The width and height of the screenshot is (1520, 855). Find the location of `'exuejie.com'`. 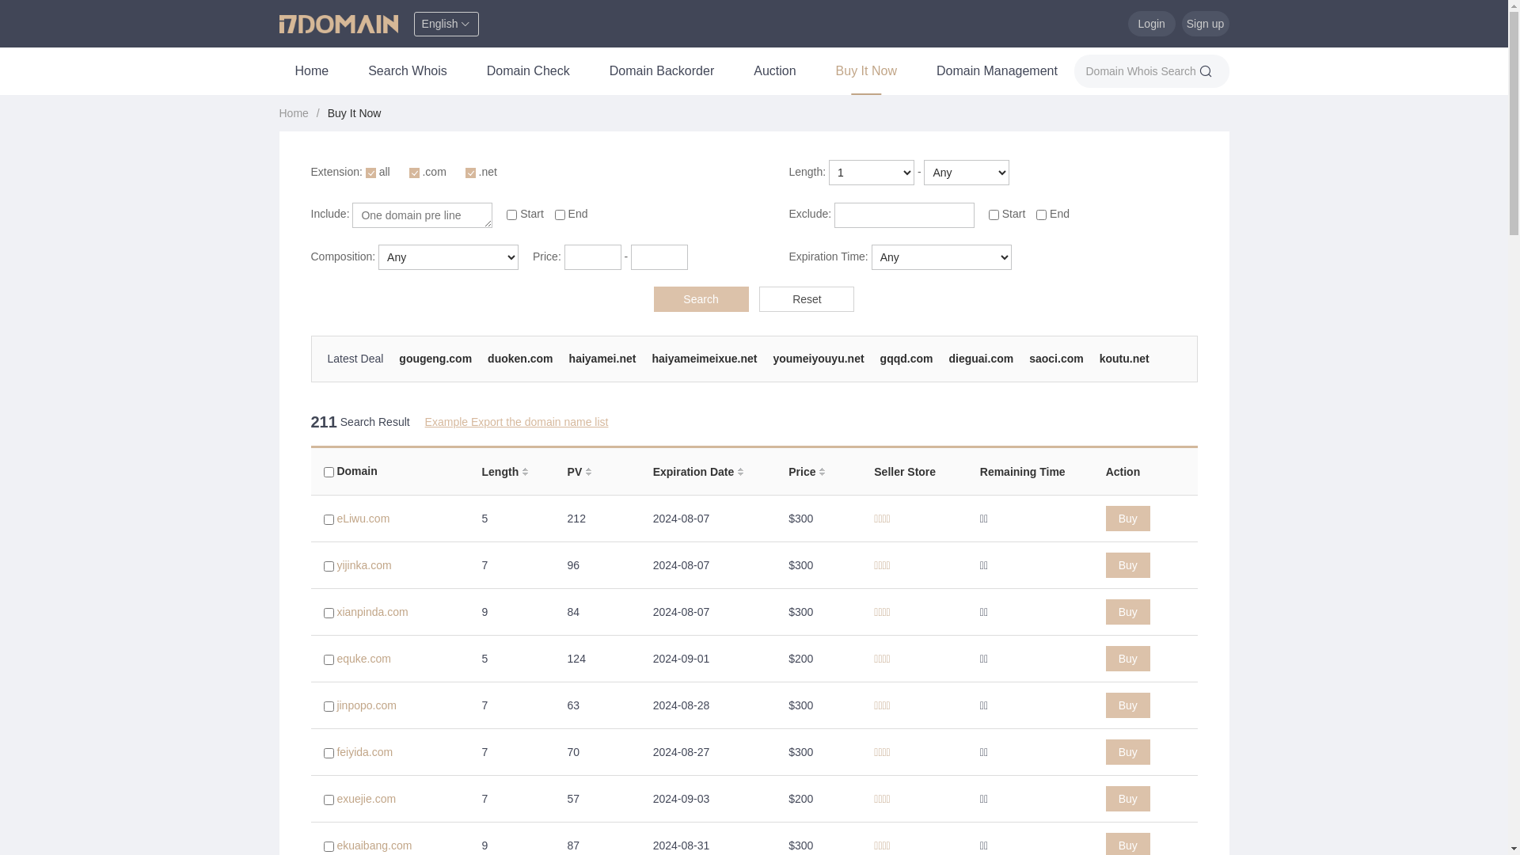

'exuejie.com' is located at coordinates (365, 799).